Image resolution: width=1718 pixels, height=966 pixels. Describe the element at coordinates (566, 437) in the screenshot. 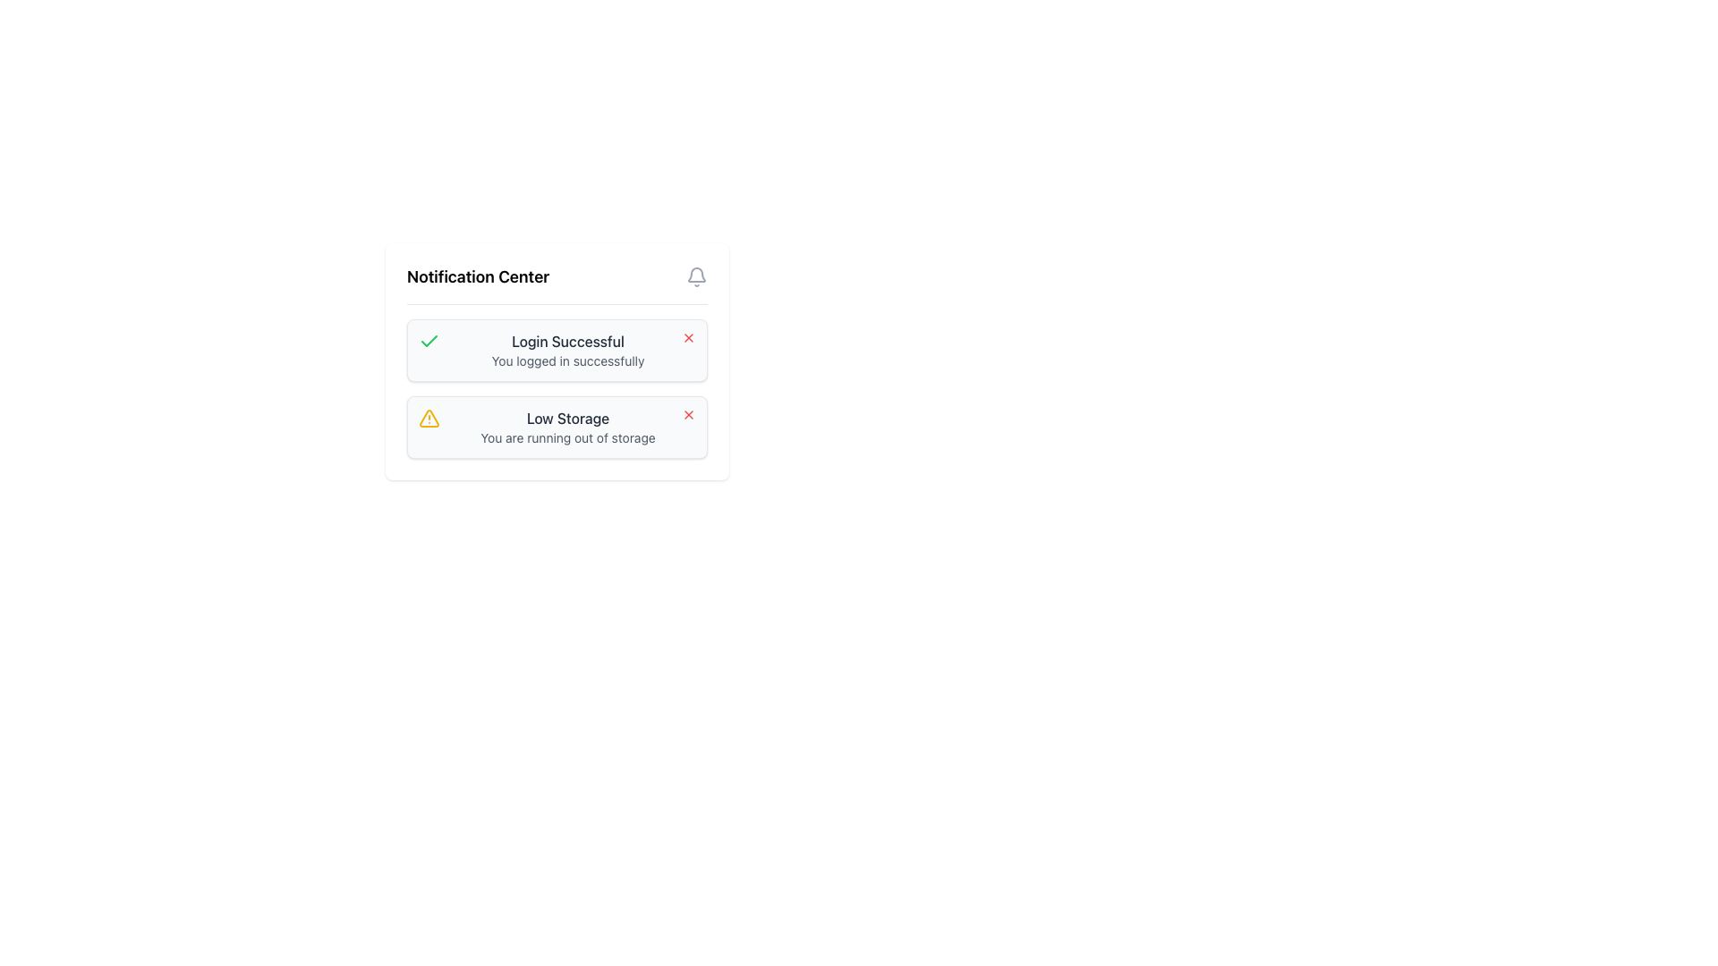

I see `static text label that displays 'You are running out of storage', which is located below the bold text 'Low Storage' in light gray color` at that location.